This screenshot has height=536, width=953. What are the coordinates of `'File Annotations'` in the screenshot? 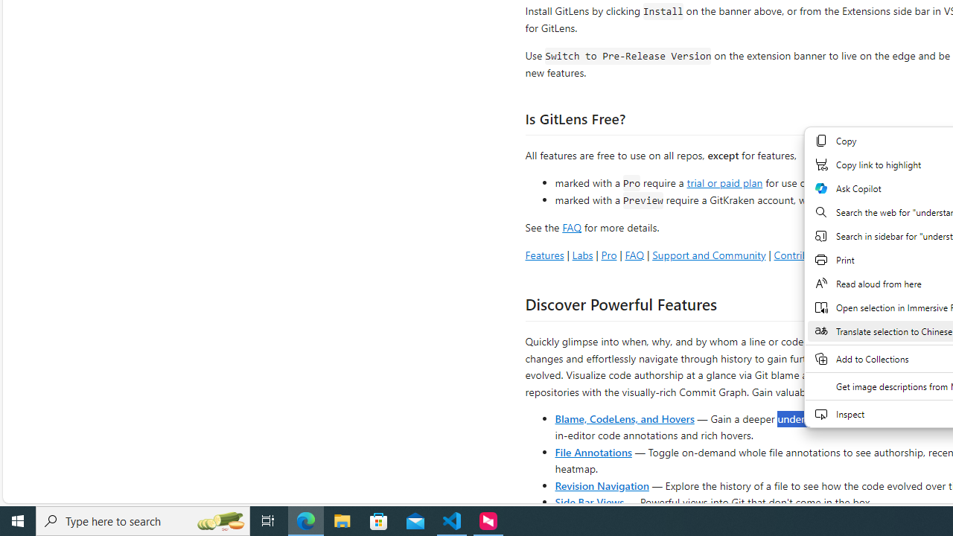 It's located at (592, 450).